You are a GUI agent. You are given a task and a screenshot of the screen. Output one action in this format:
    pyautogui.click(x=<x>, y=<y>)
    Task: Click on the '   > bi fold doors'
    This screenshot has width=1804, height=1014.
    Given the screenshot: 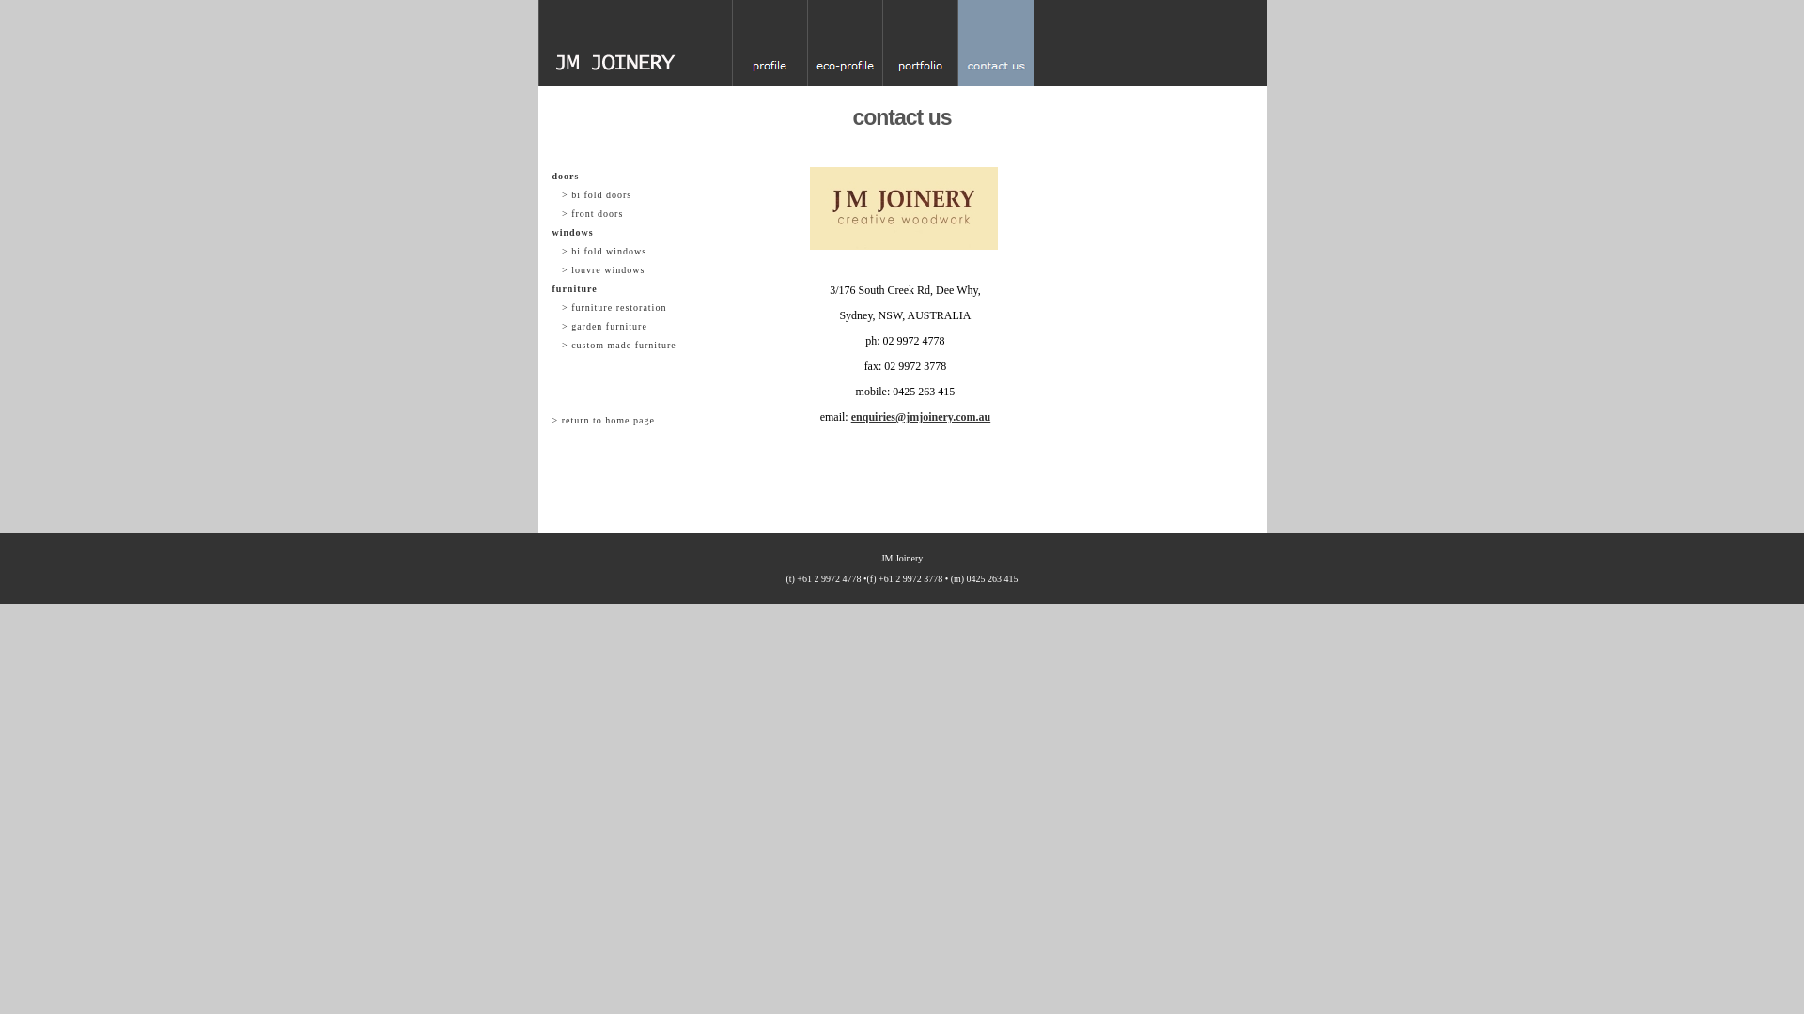 What is the action you would take?
    pyautogui.click(x=627, y=195)
    